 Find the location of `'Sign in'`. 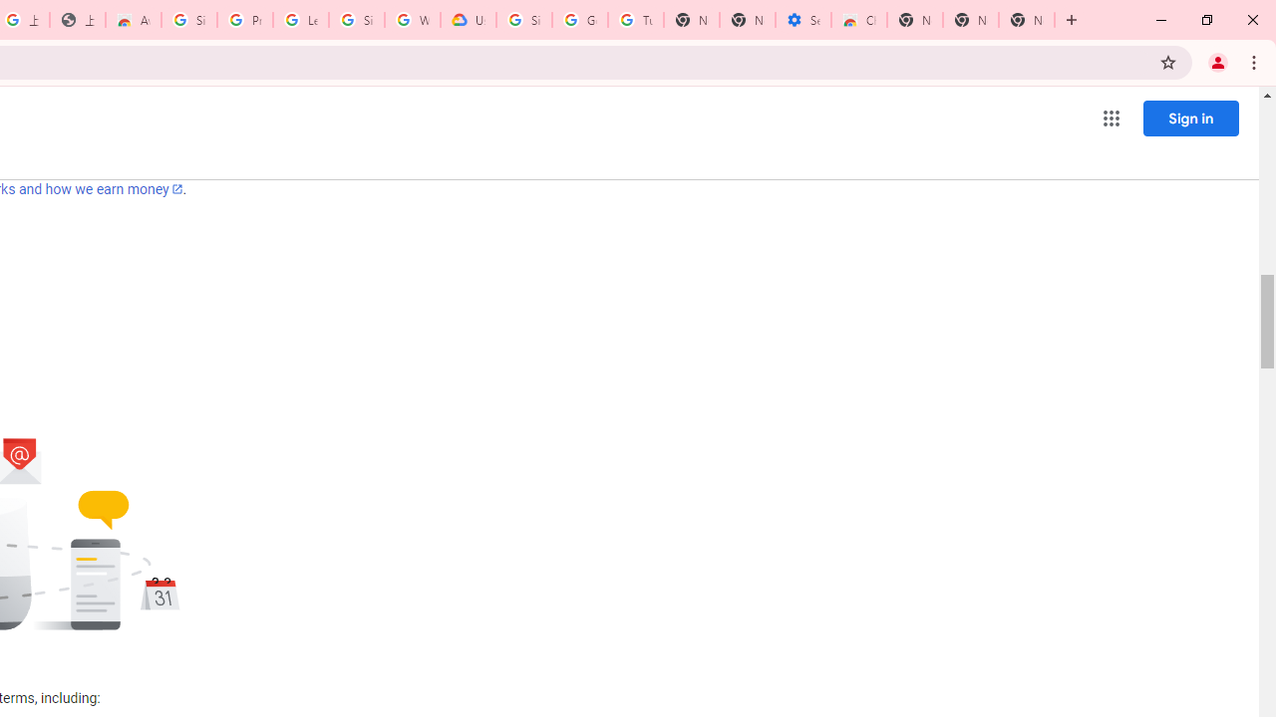

'Sign in' is located at coordinates (1190, 118).